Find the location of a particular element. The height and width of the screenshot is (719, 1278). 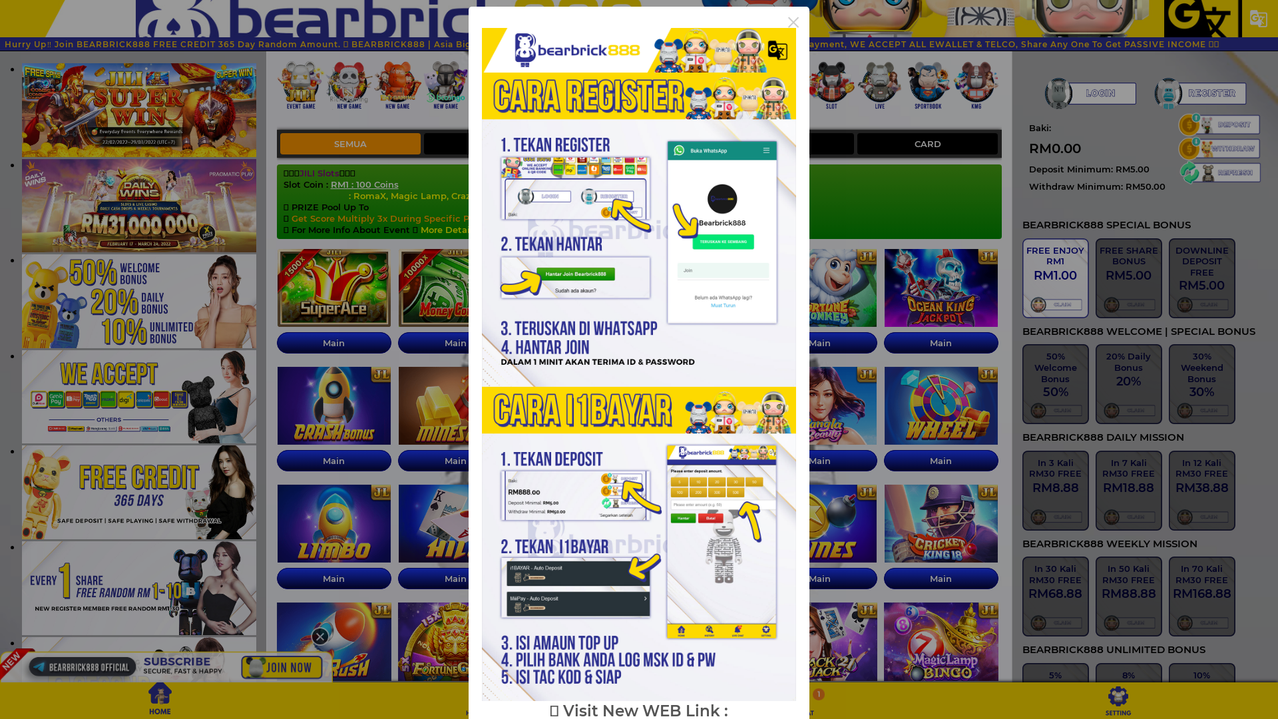

'DAFTAR' is located at coordinates (1200, 93).